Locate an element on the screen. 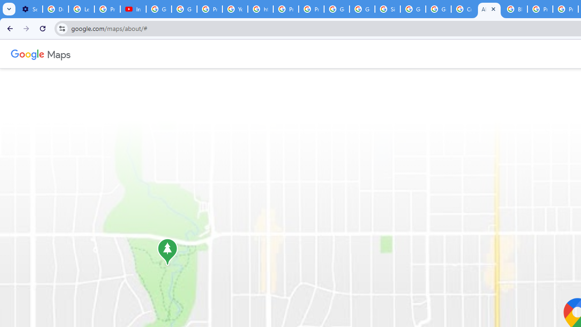  'Settings - Customize profile' is located at coordinates (30, 9).